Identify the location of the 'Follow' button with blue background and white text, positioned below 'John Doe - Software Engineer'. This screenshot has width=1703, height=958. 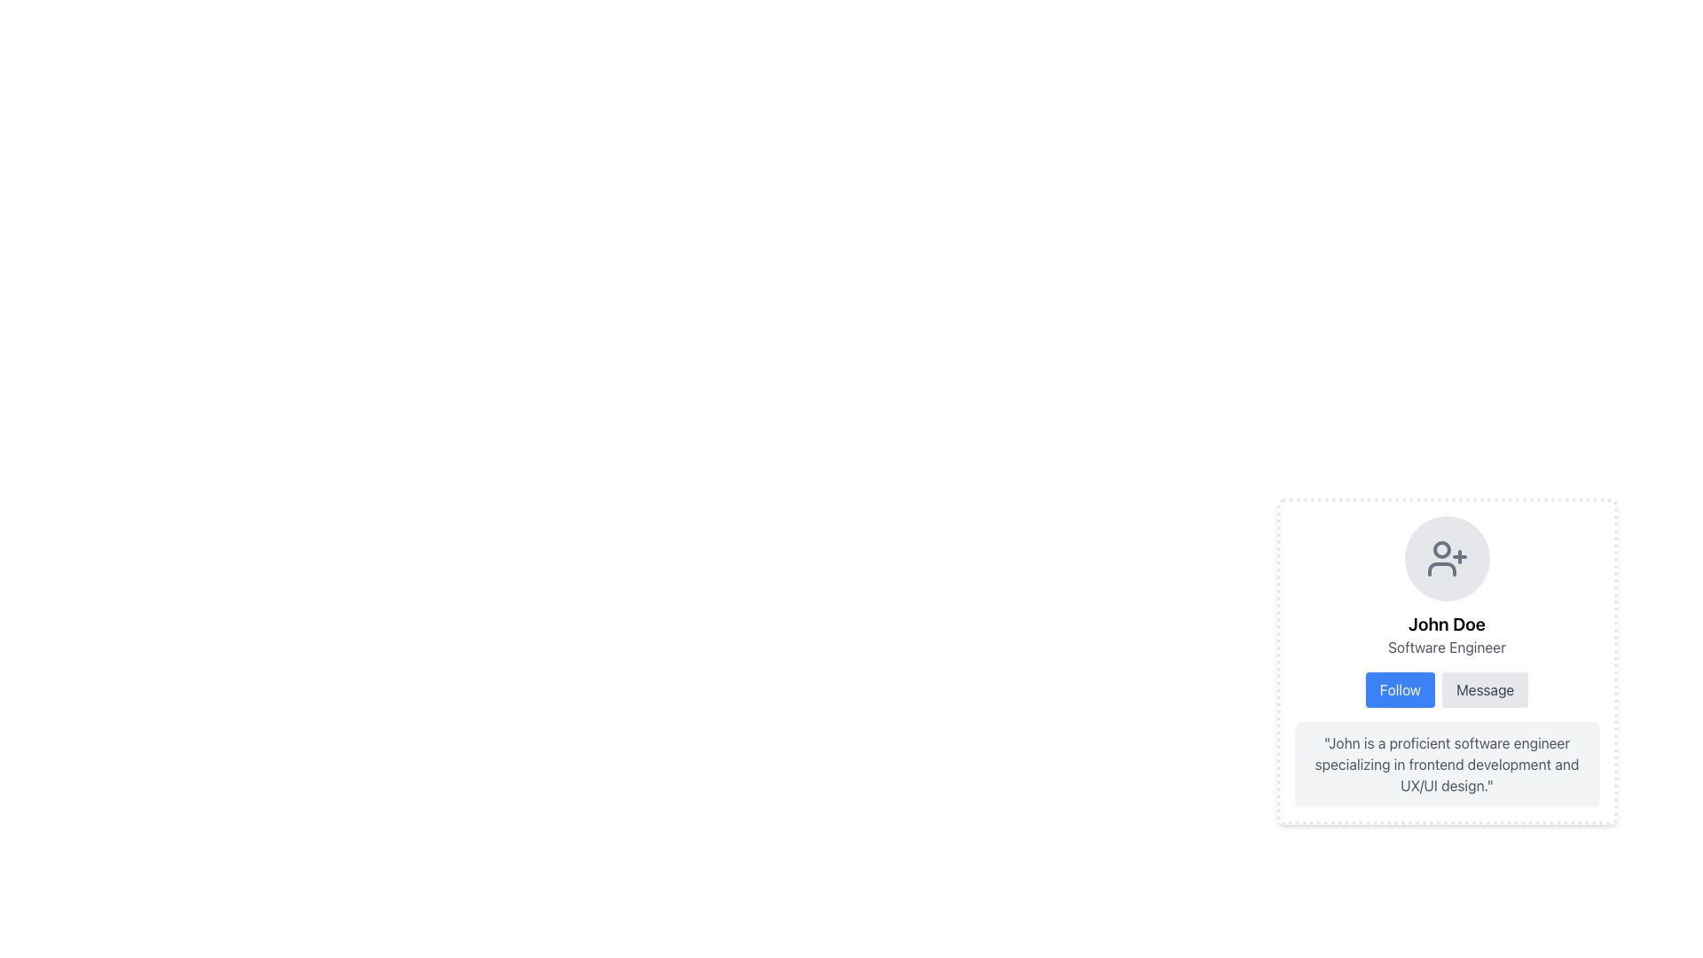
(1399, 689).